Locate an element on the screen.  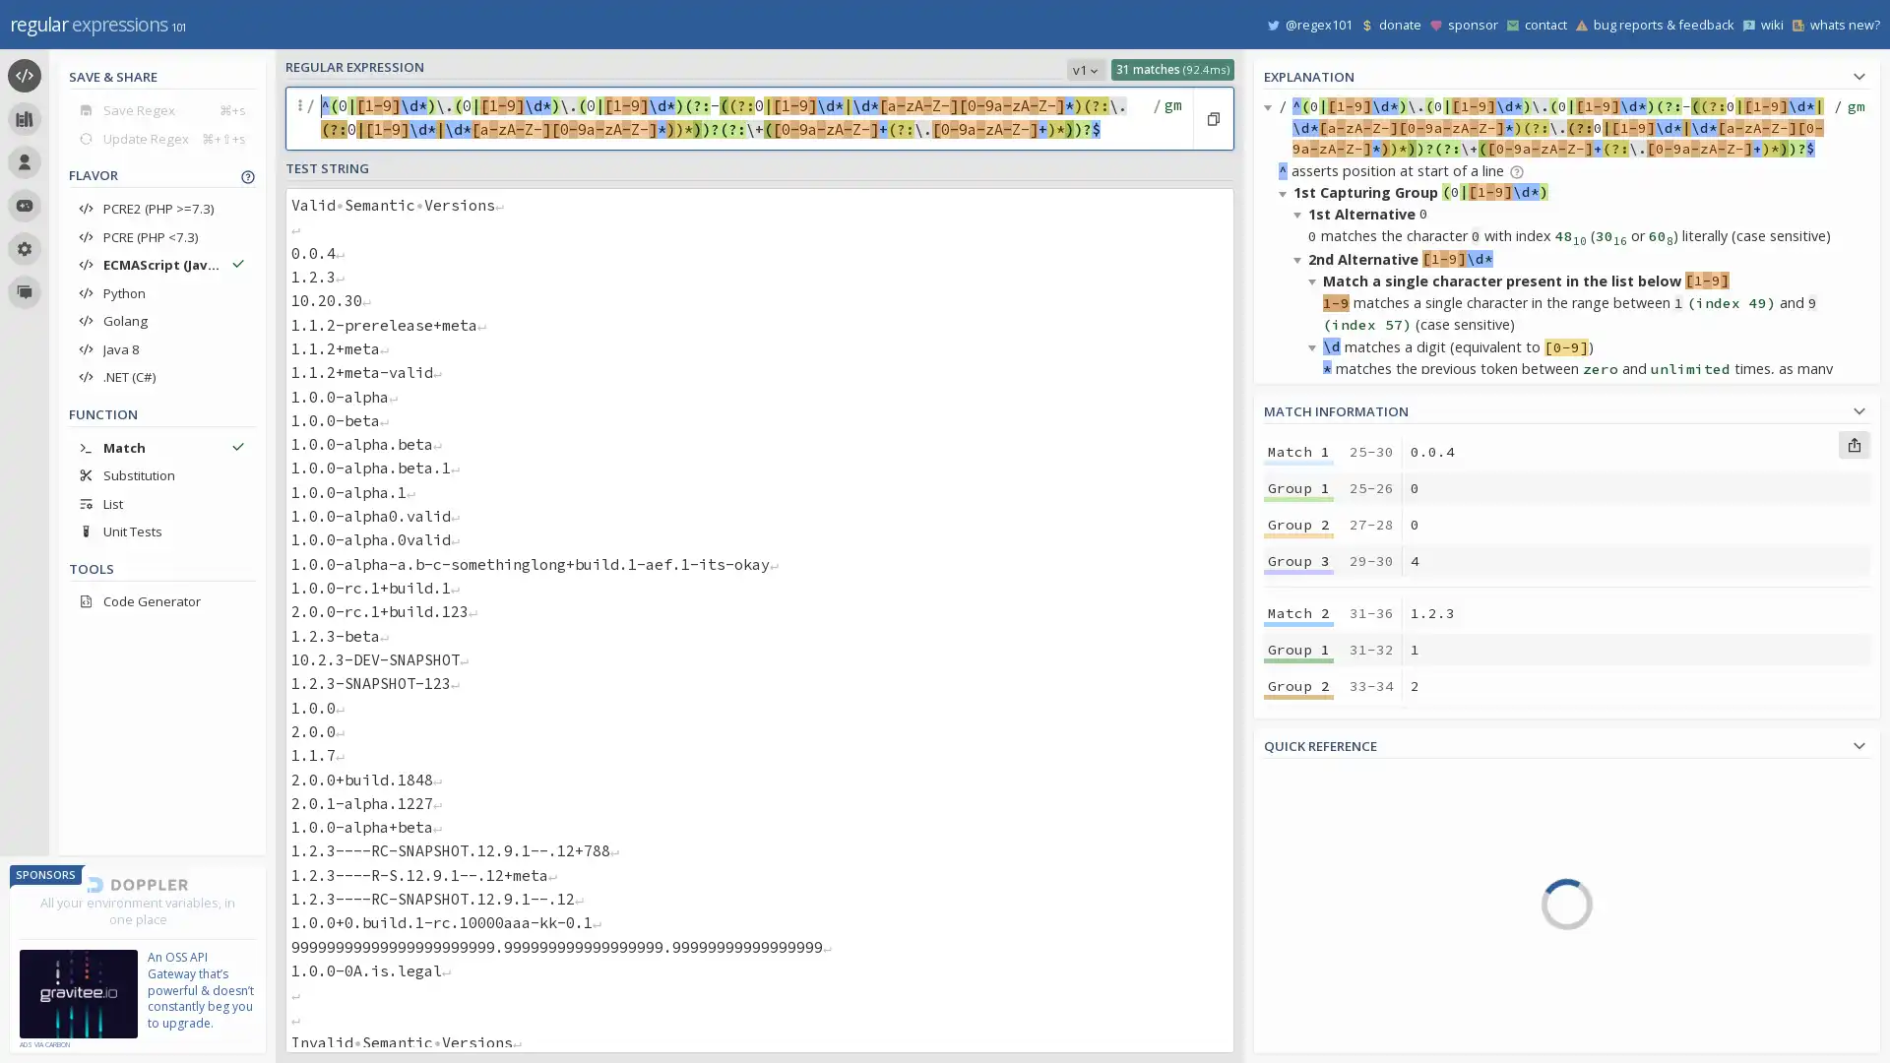
Flags/Modifiers is located at coordinates (1355, 1039).